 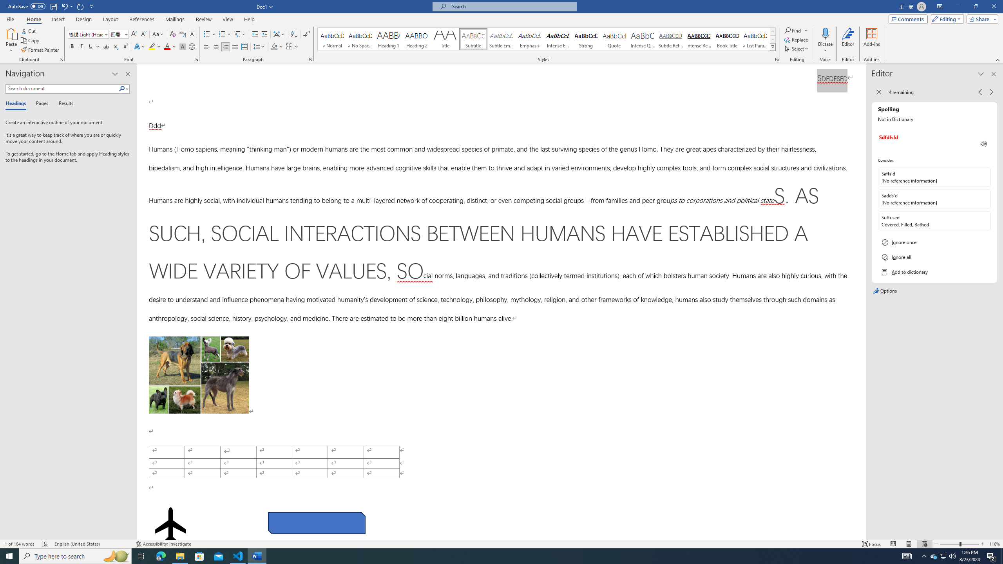 I want to click on 'Morphological variation in six dogs', so click(x=198, y=375).